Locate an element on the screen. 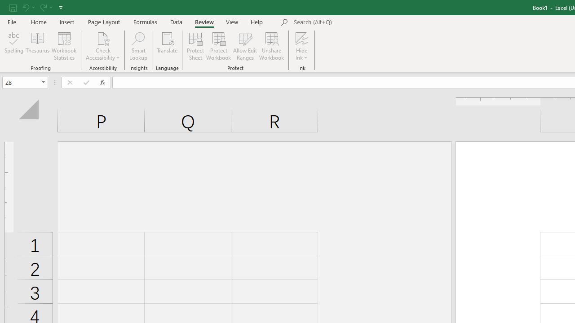 This screenshot has width=575, height=323. 'Review' is located at coordinates (204, 22).